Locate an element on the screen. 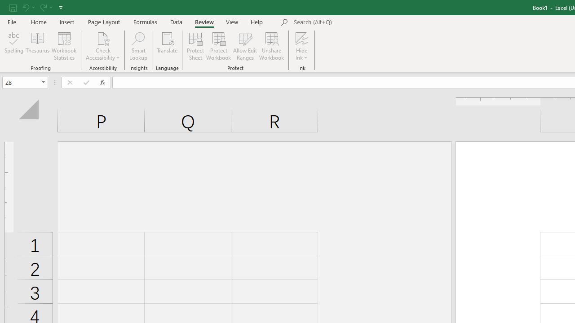 This screenshot has width=575, height=323. 'Review' is located at coordinates (204, 22).